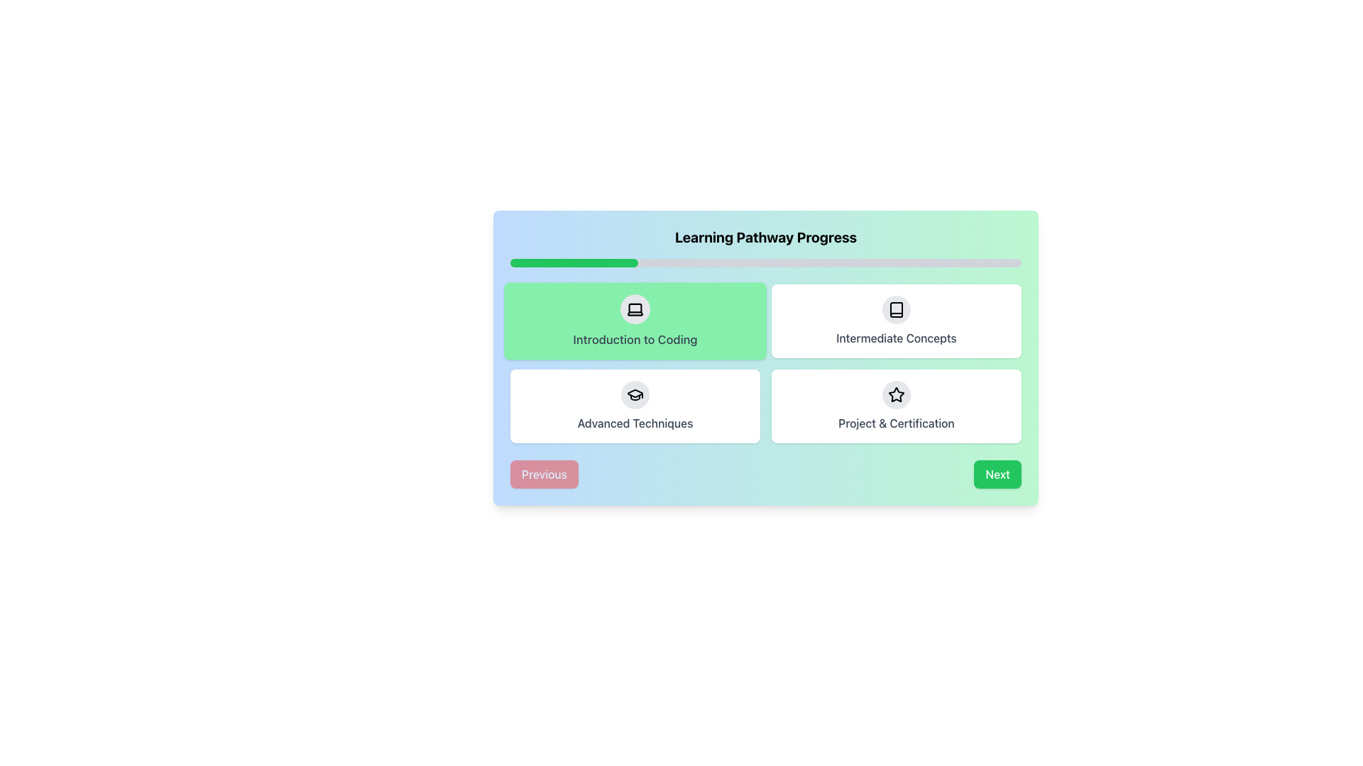 This screenshot has height=766, width=1363. I want to click on progress, so click(760, 262).